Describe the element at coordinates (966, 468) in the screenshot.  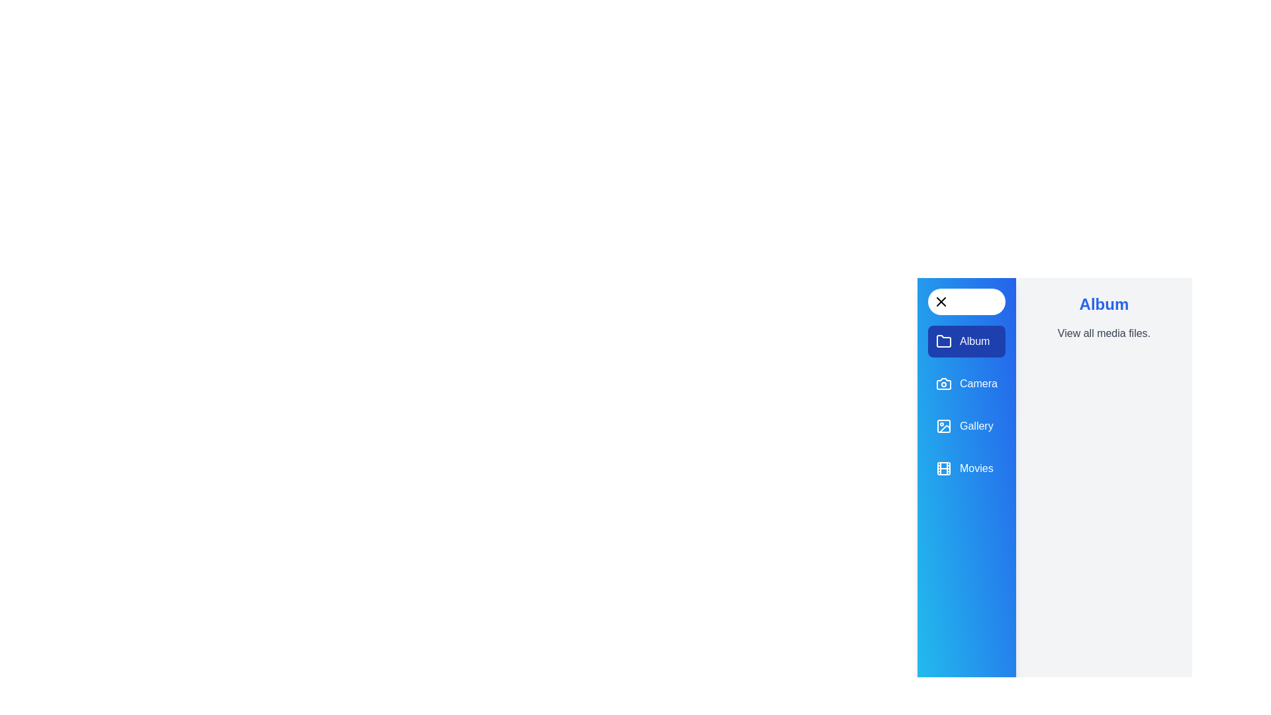
I see `the panel Movies to display its description` at that location.